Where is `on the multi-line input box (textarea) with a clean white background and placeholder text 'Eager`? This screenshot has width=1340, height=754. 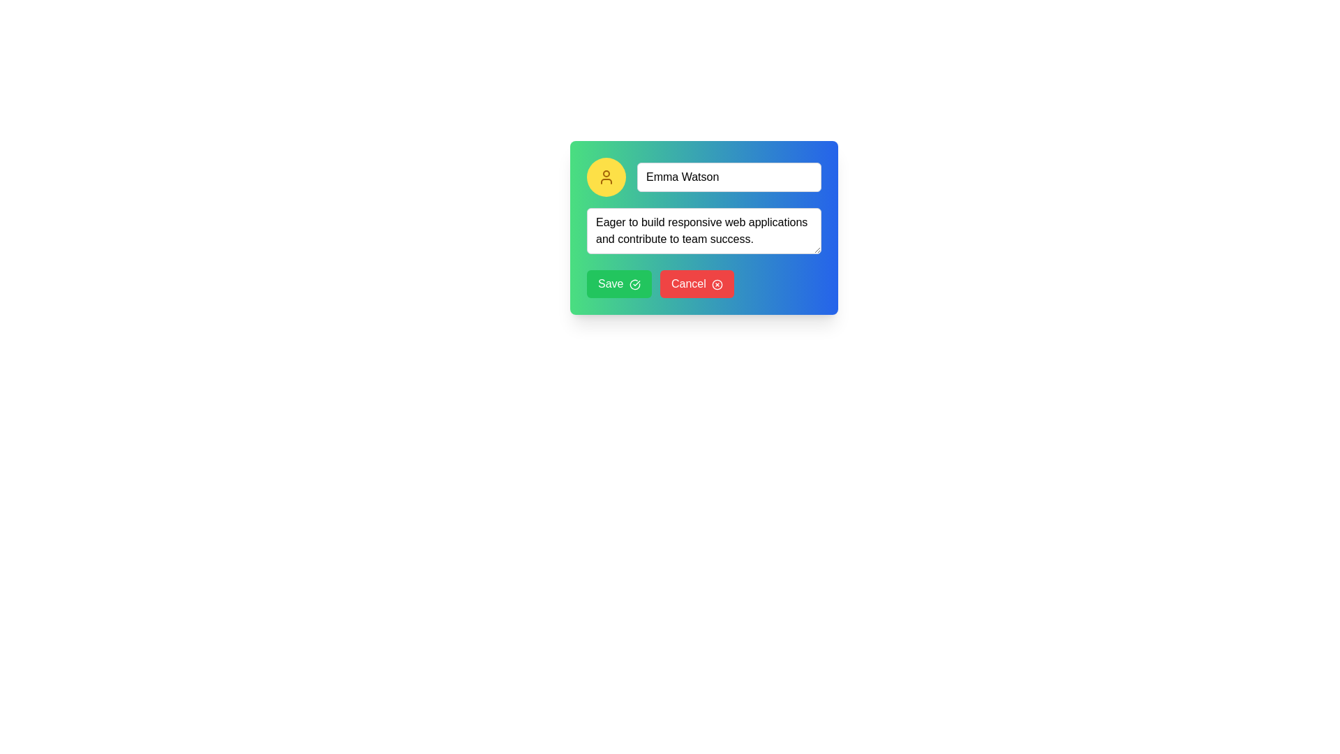
on the multi-line input box (textarea) with a clean white background and placeholder text 'Eager is located at coordinates (703, 227).